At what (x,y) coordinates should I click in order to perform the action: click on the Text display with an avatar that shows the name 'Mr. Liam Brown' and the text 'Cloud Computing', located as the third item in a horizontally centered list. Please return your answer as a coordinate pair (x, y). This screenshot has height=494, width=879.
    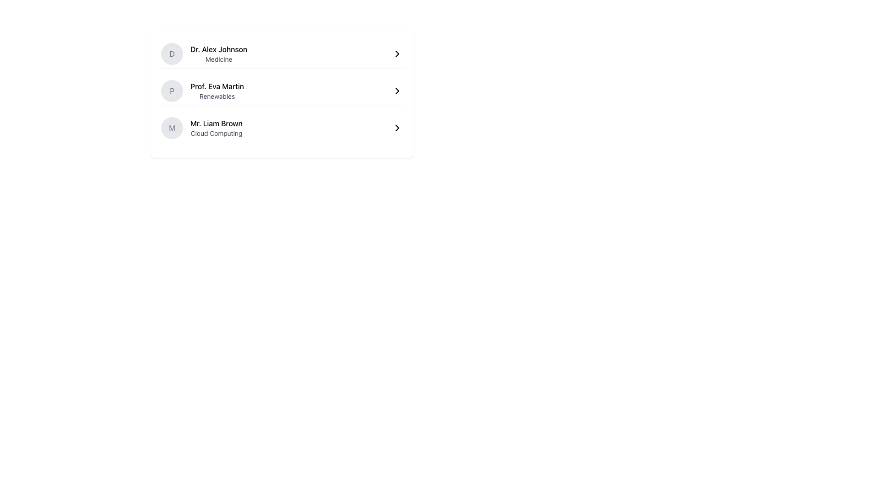
    Looking at the image, I should click on (201, 128).